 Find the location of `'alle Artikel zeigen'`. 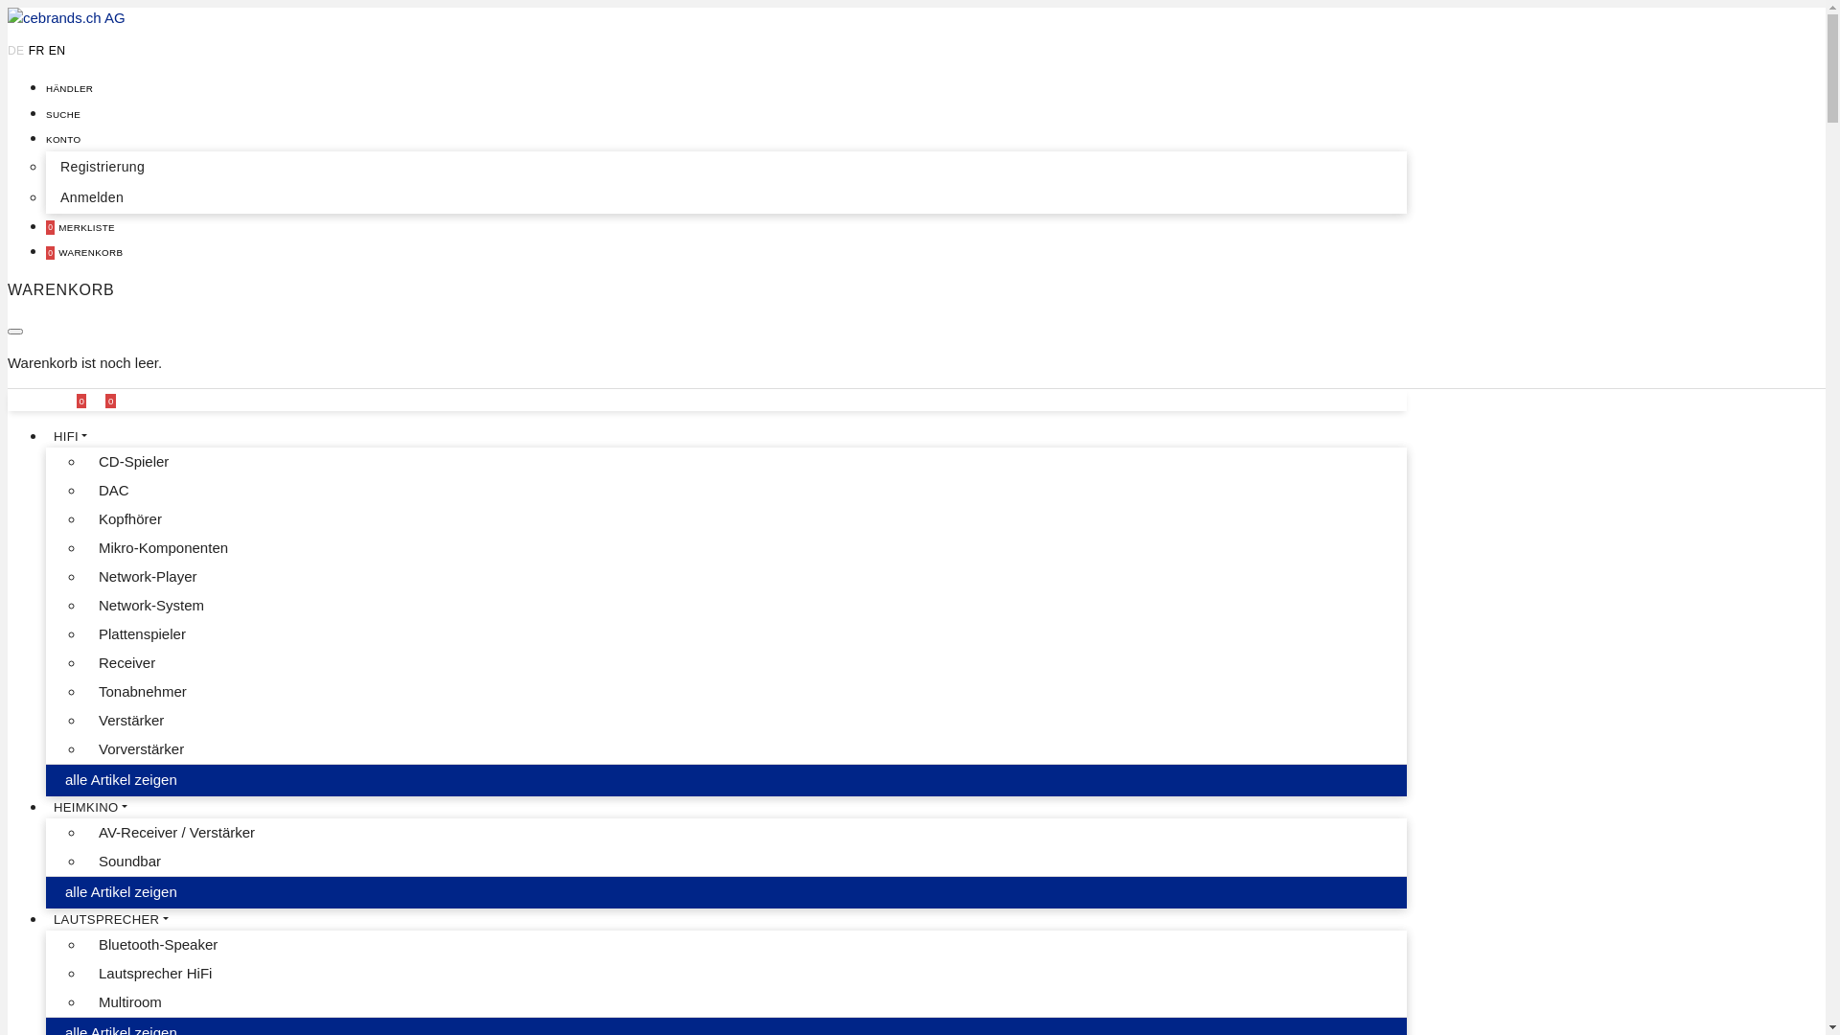

'alle Artikel zeigen' is located at coordinates (725, 891).